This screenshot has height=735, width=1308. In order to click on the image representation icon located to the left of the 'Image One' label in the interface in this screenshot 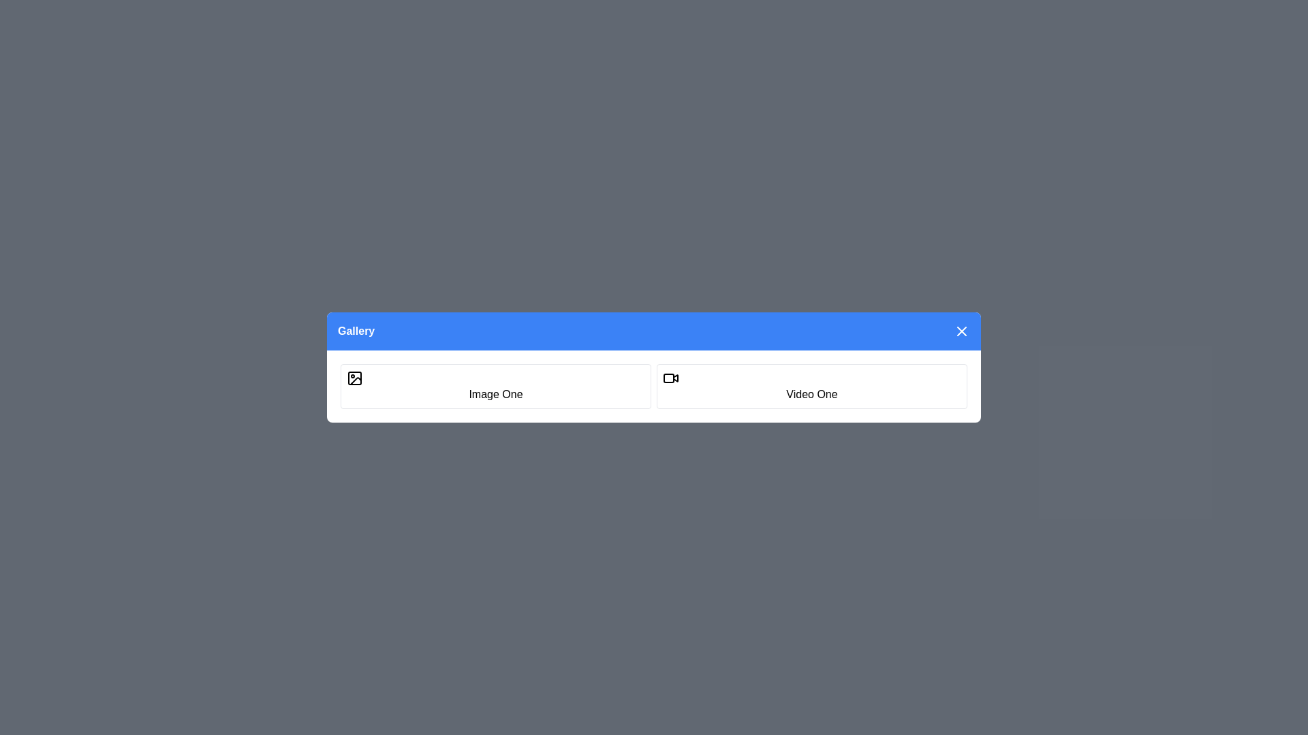, I will do `click(355, 378)`.